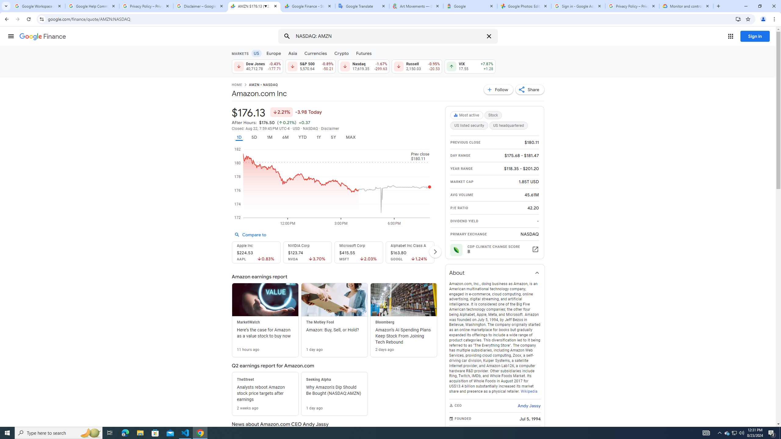  I want to click on 'Recent', so click(155, 56).